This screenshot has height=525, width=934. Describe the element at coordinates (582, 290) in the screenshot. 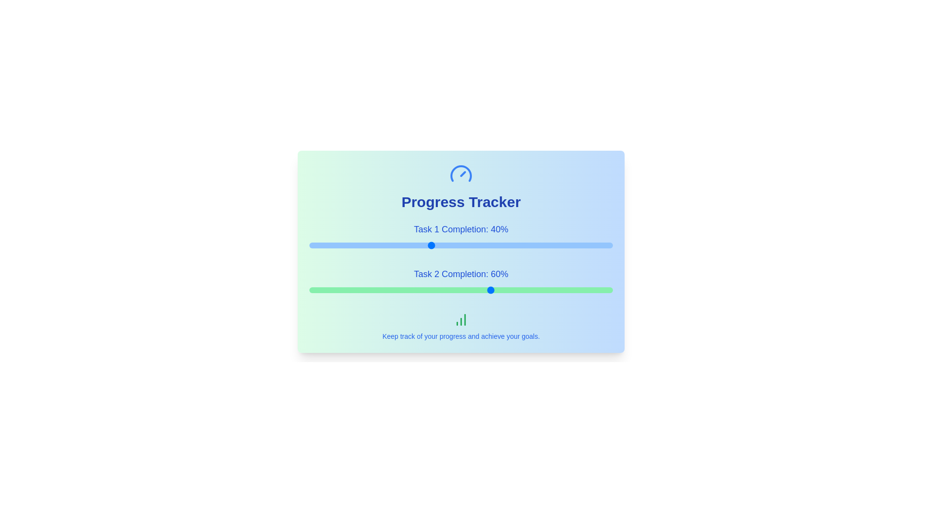

I see `the Task 2 completion slider` at that location.